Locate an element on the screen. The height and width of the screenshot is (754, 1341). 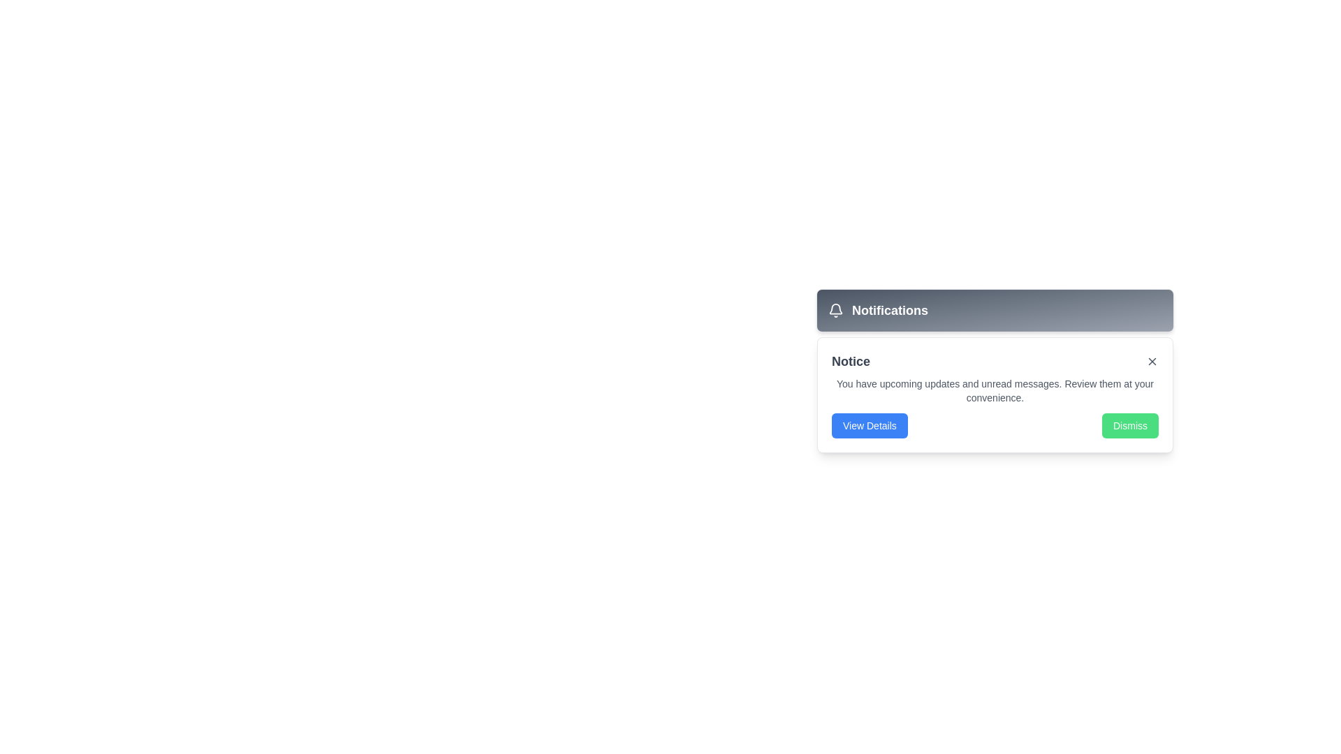
the button located at the bottom-left corner of the notification popup is located at coordinates (869, 424).